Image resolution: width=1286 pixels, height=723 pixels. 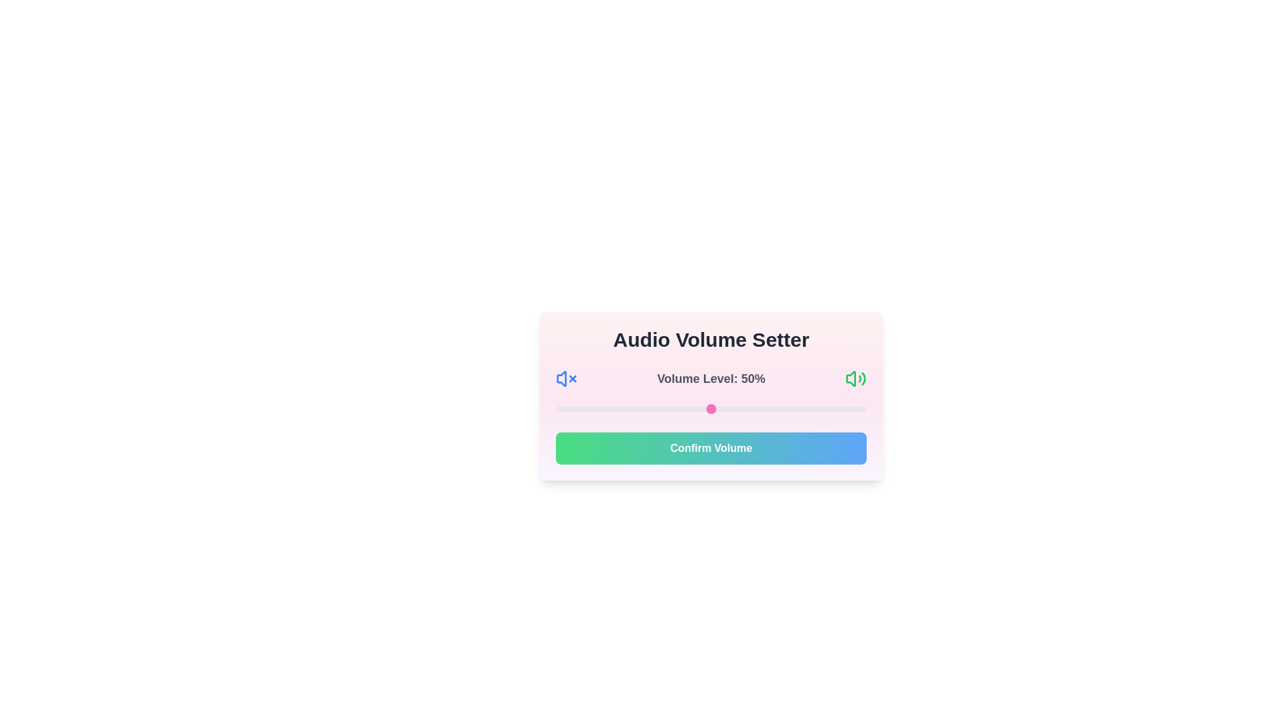 I want to click on the speaker icon with sound waves emanating, styled with a green outline, located within the volume control interface, so click(x=855, y=379).